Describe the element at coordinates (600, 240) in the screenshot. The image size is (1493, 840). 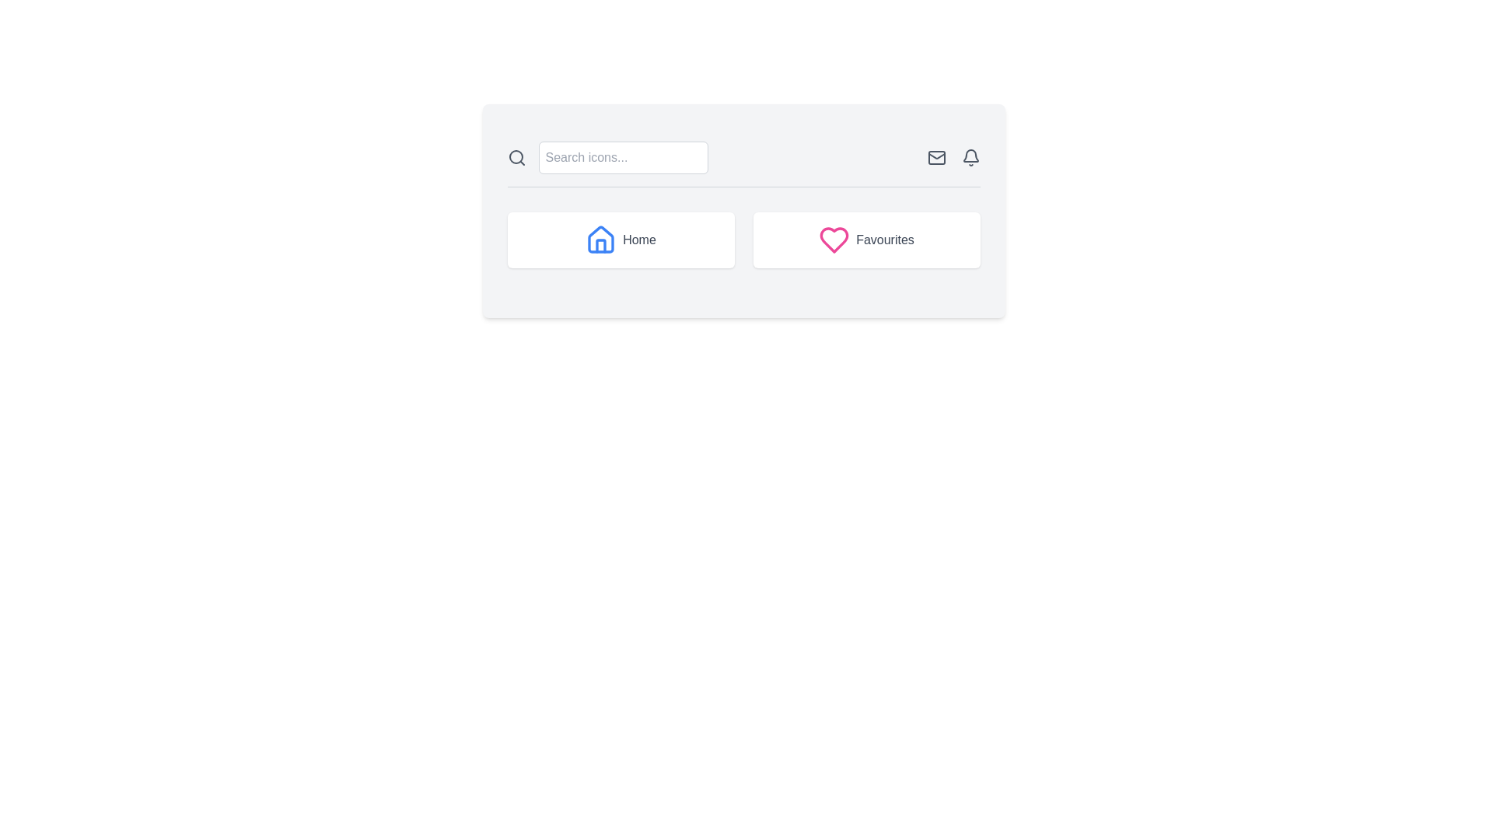
I see `the Home icon located to the left side of the Home button's label, which represents the main page` at that location.